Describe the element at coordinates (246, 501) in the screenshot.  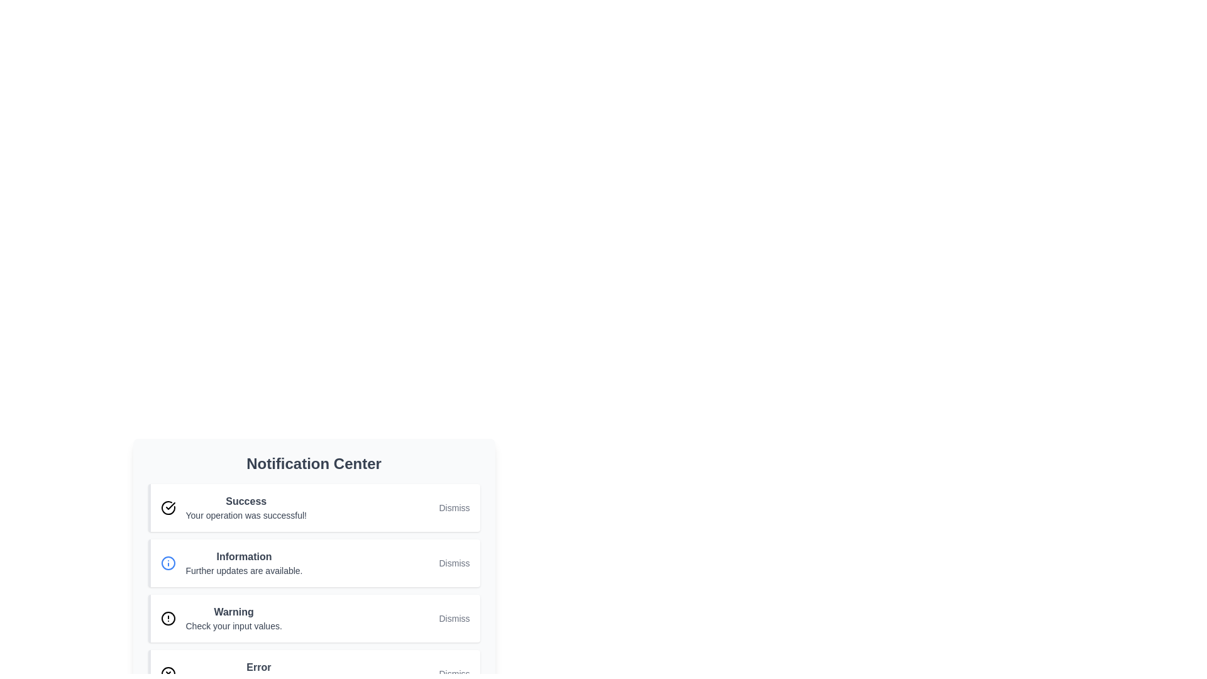
I see `the Text Label that serves as the title of the notification card indicating a successful operation, located within the 'Notification Center' and positioned to the right of a checkmark icon` at that location.